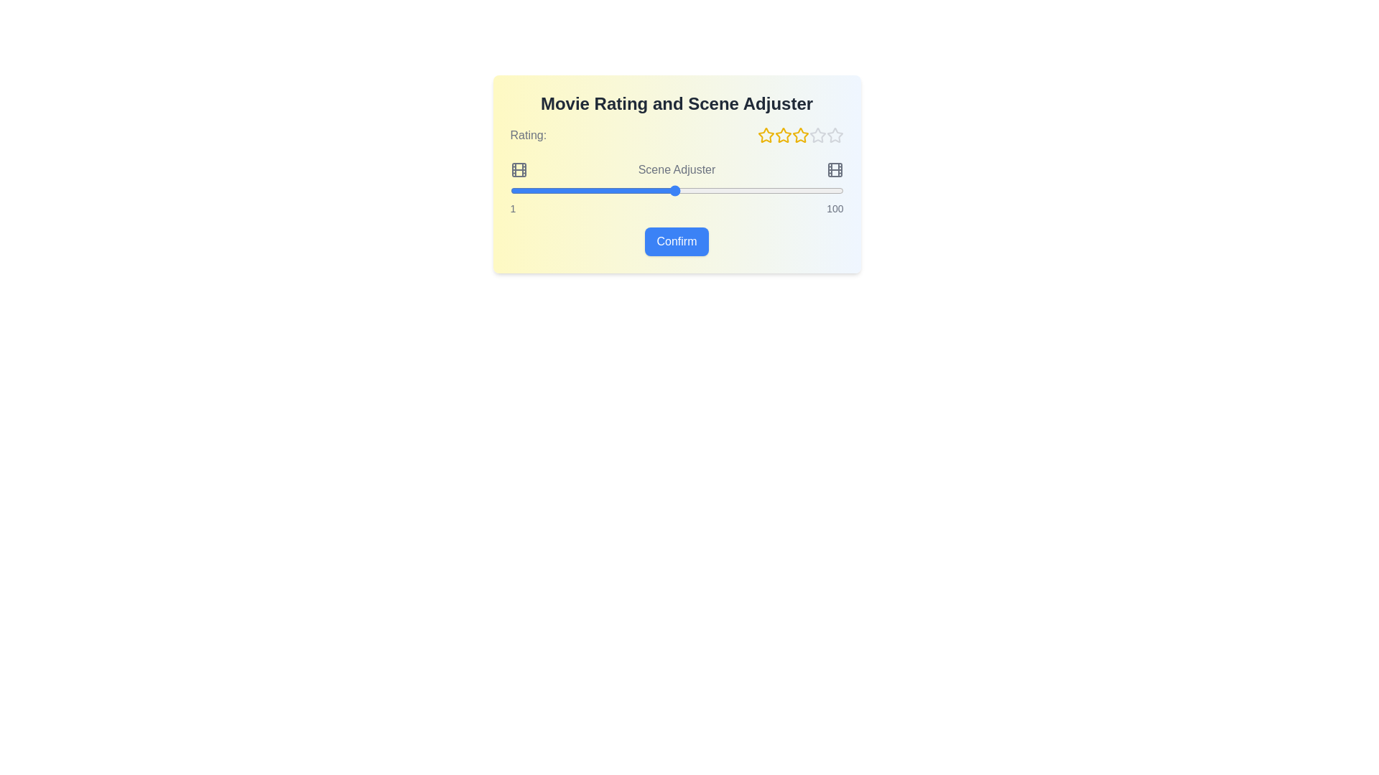  I want to click on the star corresponding to the desired rating of 5 stars, so click(835, 136).